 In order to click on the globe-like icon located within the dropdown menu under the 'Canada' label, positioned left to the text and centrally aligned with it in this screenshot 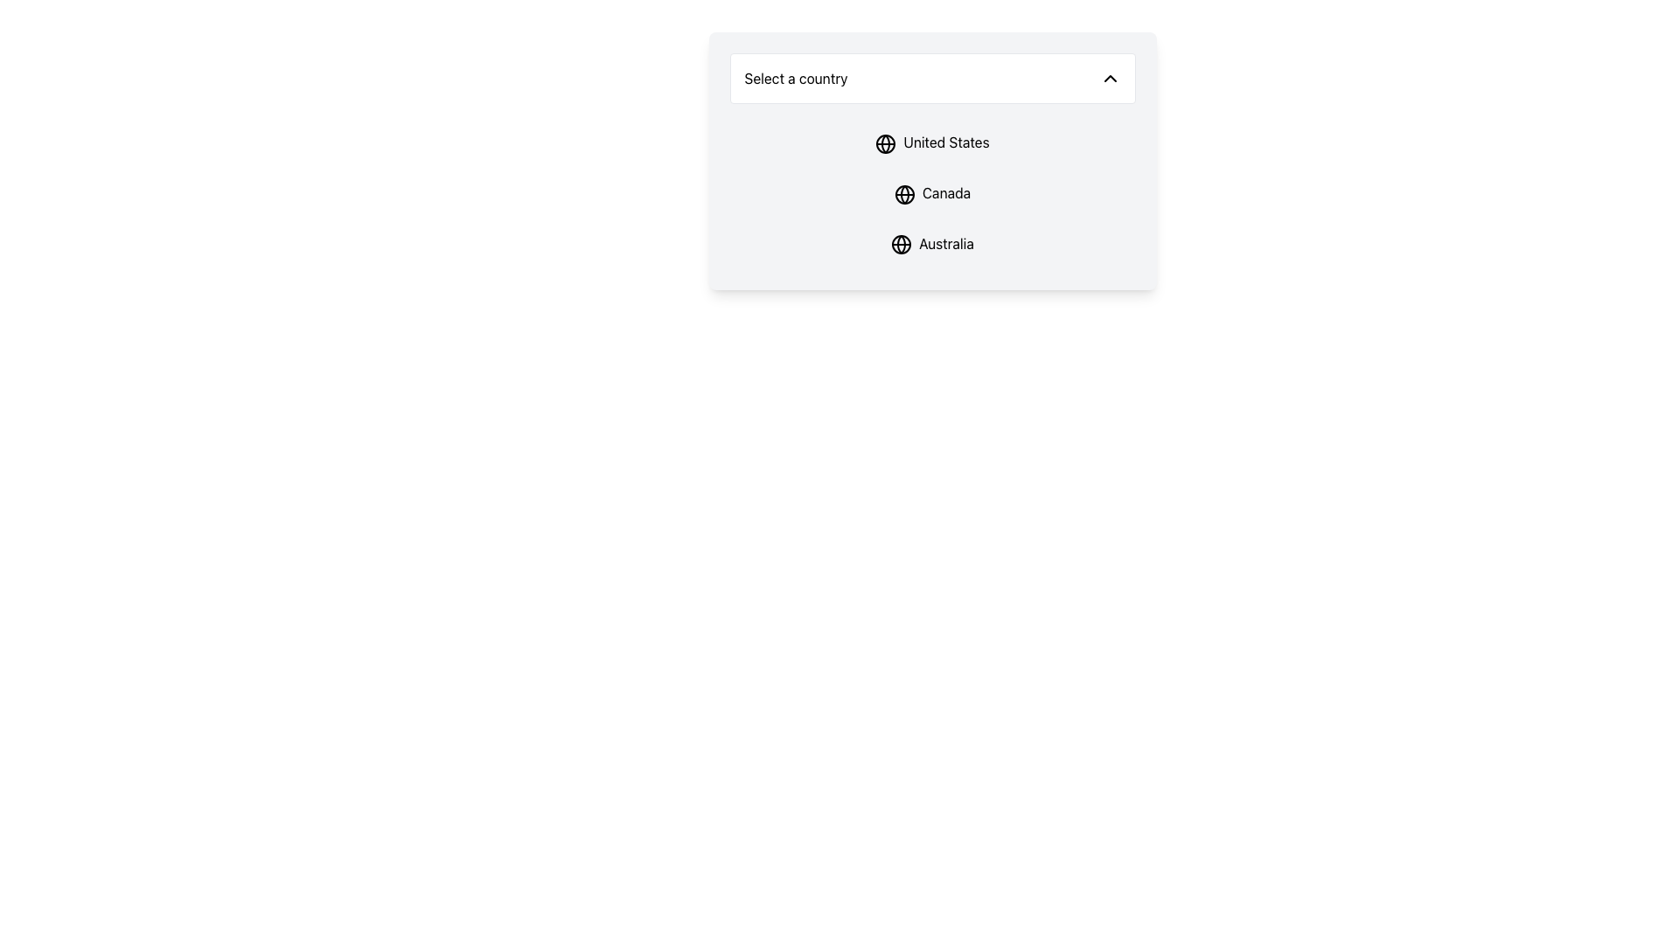, I will do `click(904, 194)`.